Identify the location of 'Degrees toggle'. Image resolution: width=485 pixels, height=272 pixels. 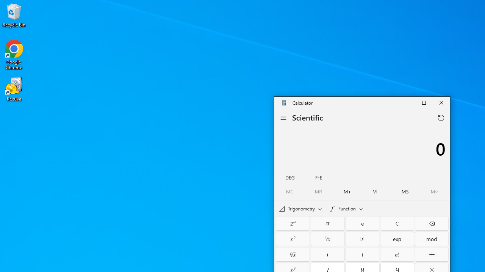
(289, 177).